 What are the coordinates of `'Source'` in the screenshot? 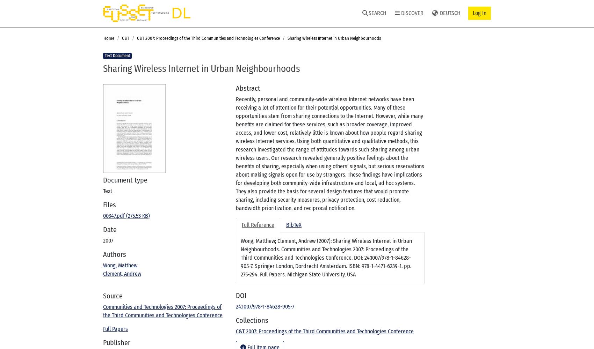 It's located at (113, 296).